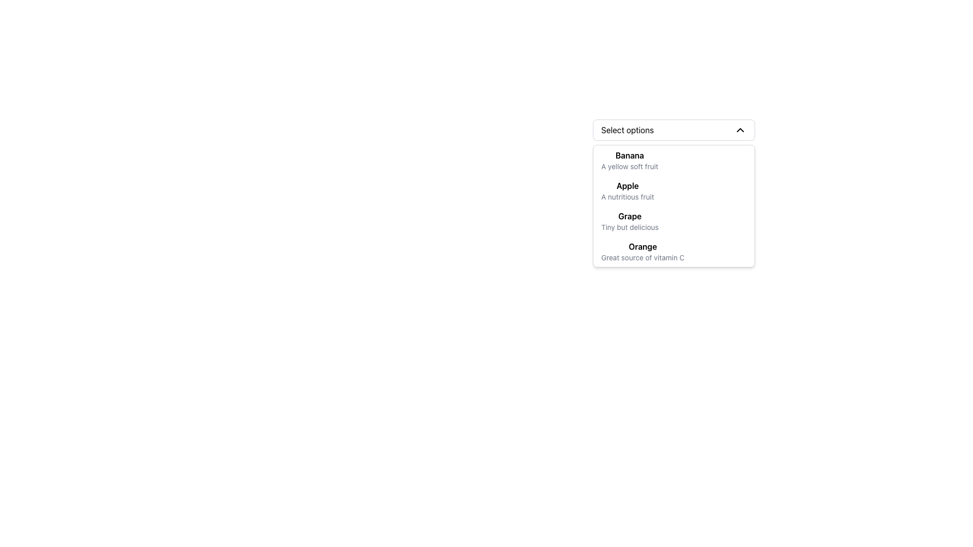 This screenshot has width=973, height=547. What do you see at coordinates (673, 220) in the screenshot?
I see `the 'Grape' option in the dropdown list` at bounding box center [673, 220].